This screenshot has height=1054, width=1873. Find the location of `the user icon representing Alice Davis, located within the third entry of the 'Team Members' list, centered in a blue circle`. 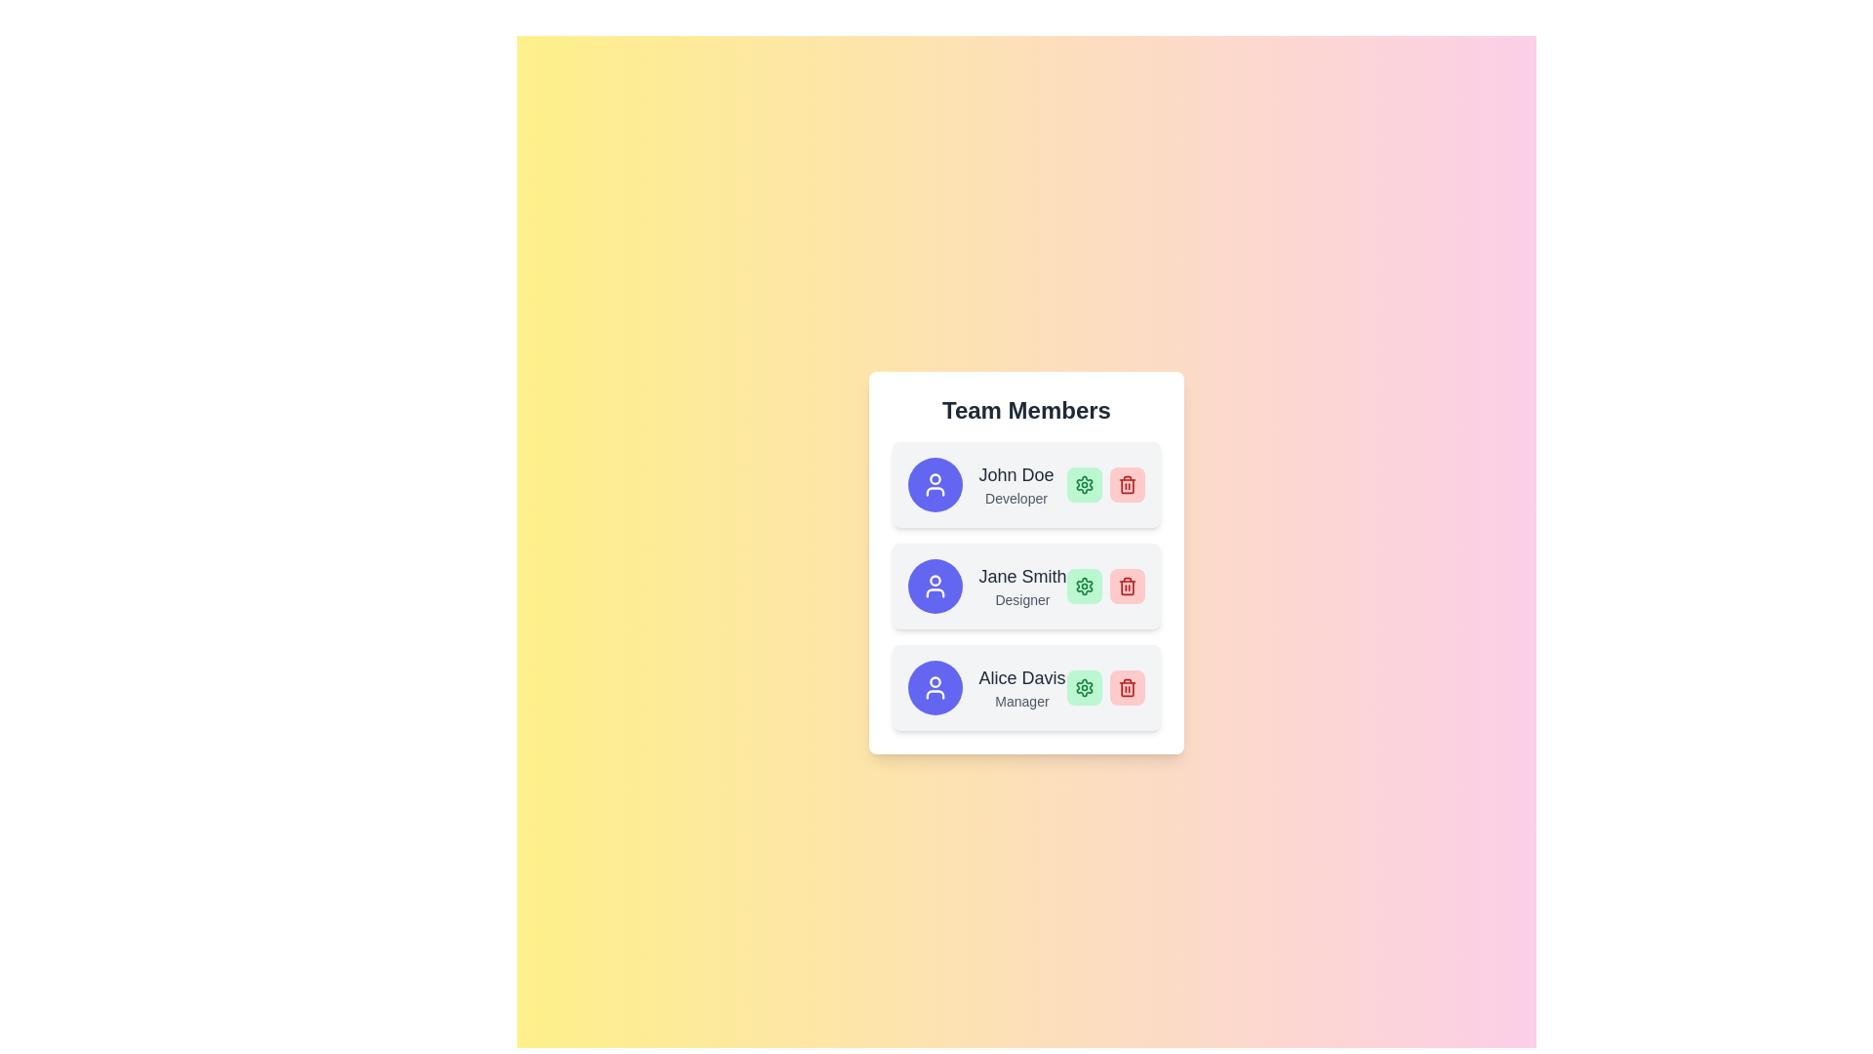

the user icon representing Alice Davis, located within the third entry of the 'Team Members' list, centered in a blue circle is located at coordinates (935, 687).